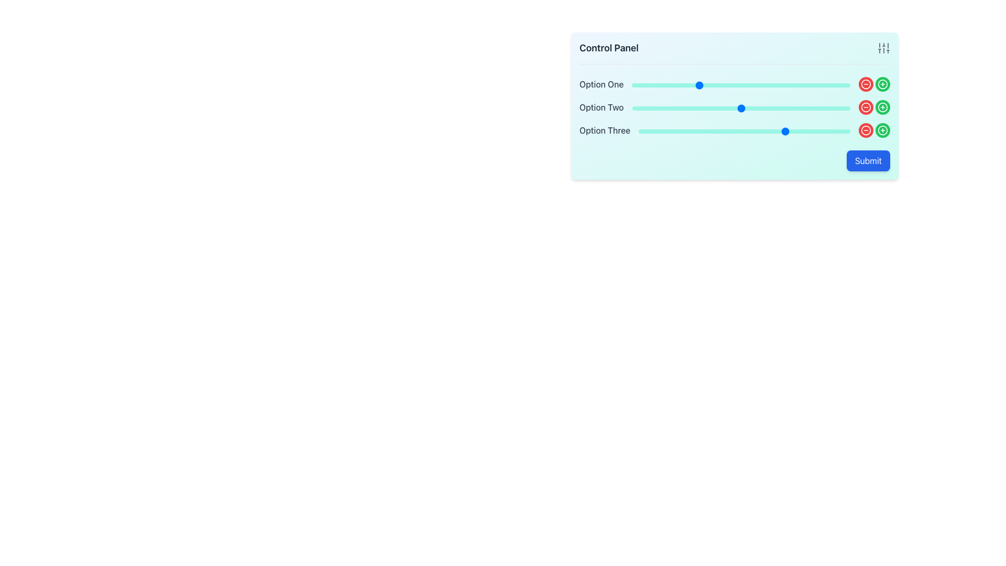 The image size is (1006, 566). What do you see at coordinates (774, 108) in the screenshot?
I see `the slider` at bounding box center [774, 108].